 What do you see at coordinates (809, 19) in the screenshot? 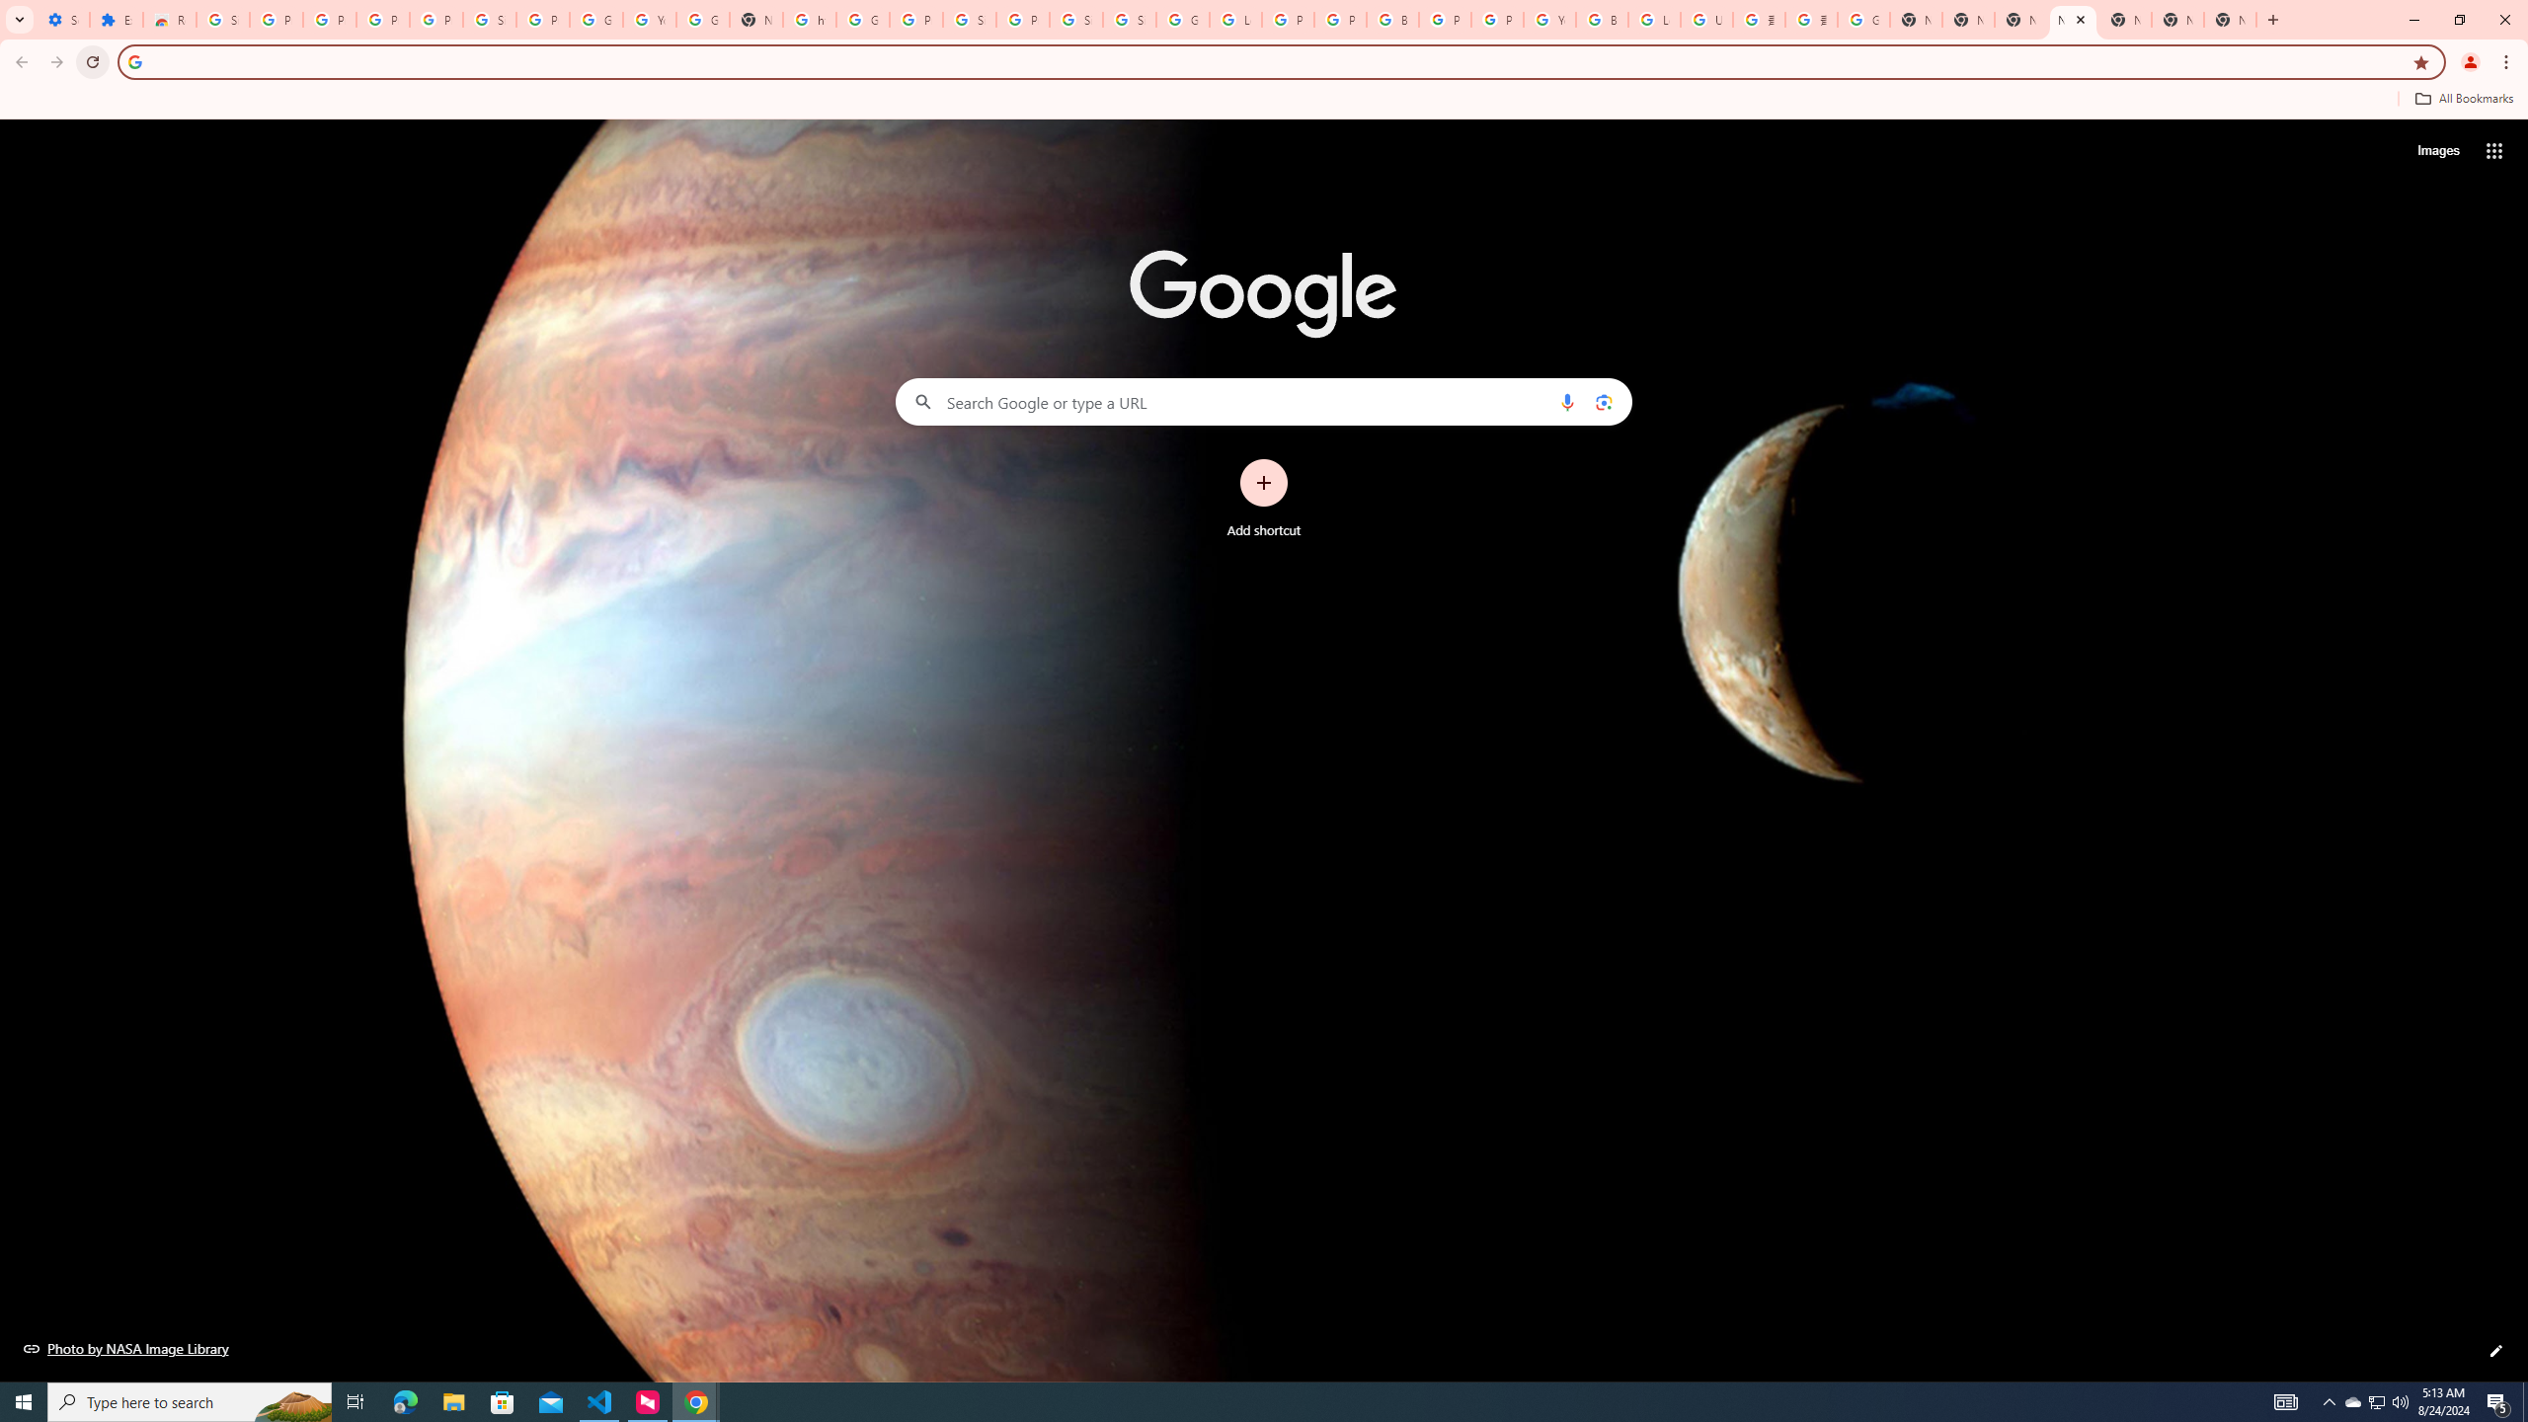
I see `'https://scholar.google.com/'` at bounding box center [809, 19].